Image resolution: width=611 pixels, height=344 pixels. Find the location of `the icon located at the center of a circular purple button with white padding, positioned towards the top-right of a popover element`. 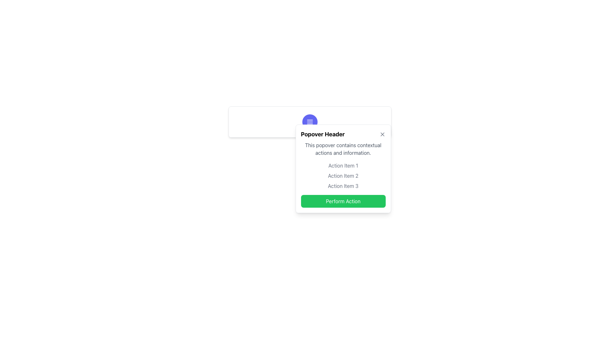

the icon located at the center of a circular purple button with white padding, positioned towards the top-right of a popover element is located at coordinates (310, 122).